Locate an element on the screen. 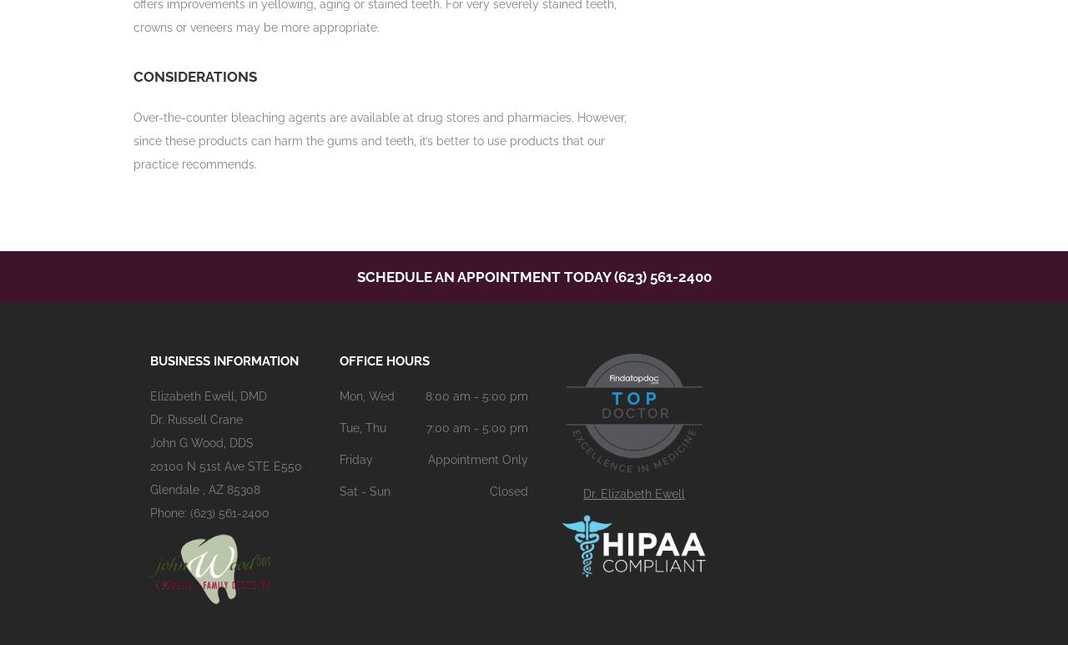 The image size is (1068, 645). '7:00 am' is located at coordinates (425, 427).